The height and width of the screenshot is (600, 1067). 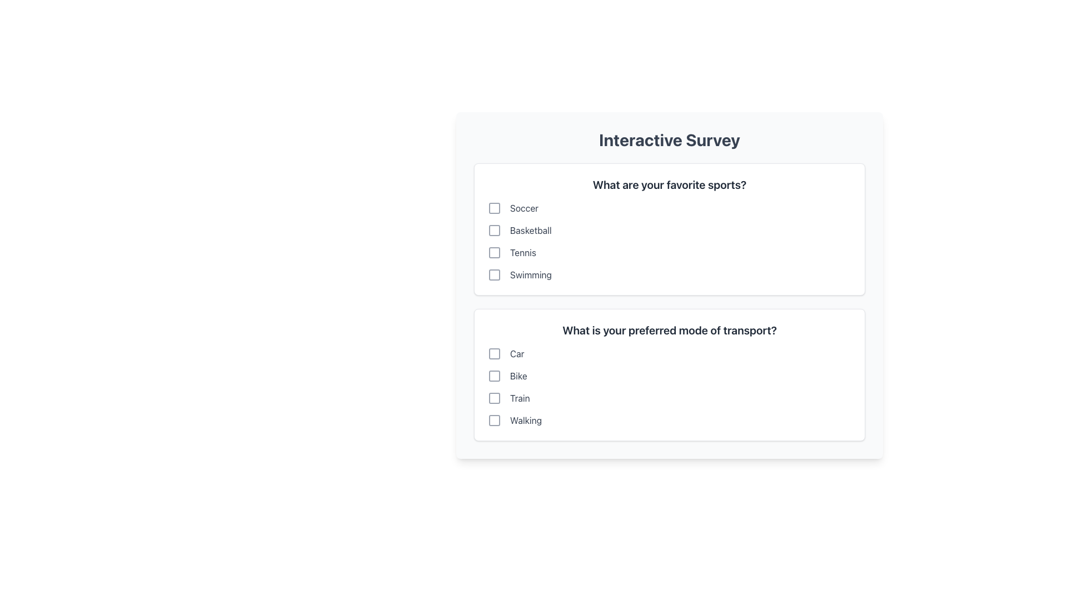 I want to click on the label for the checkbox option 'Swimming', which is the fourth item in the list of favorite sports options, so click(x=530, y=274).